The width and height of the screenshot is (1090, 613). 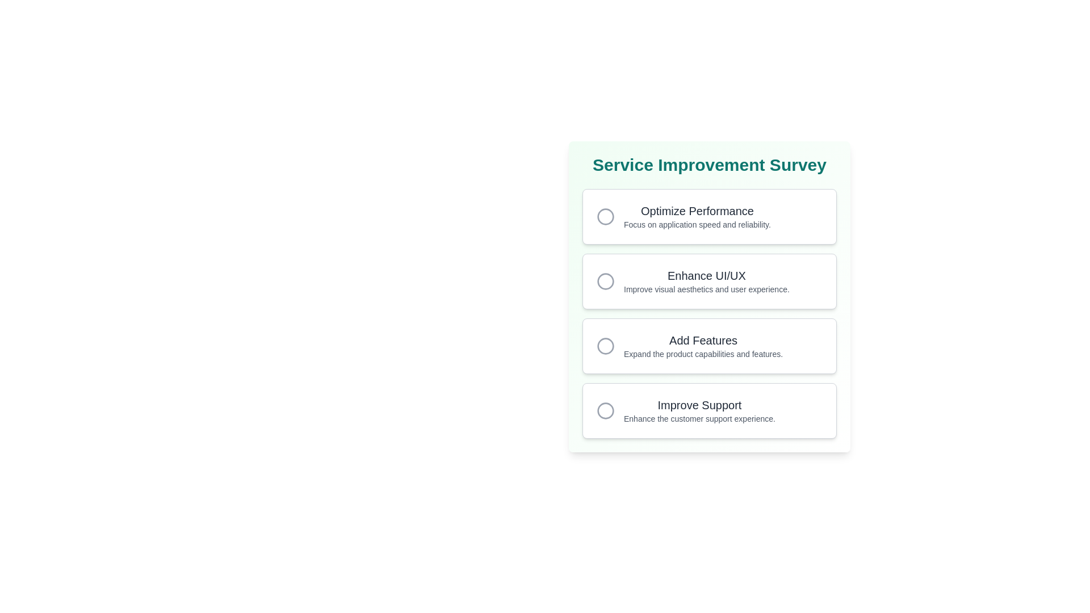 I want to click on the circular selection marker adjacent to the text labeled 'Optimize Performance', so click(x=605, y=216).